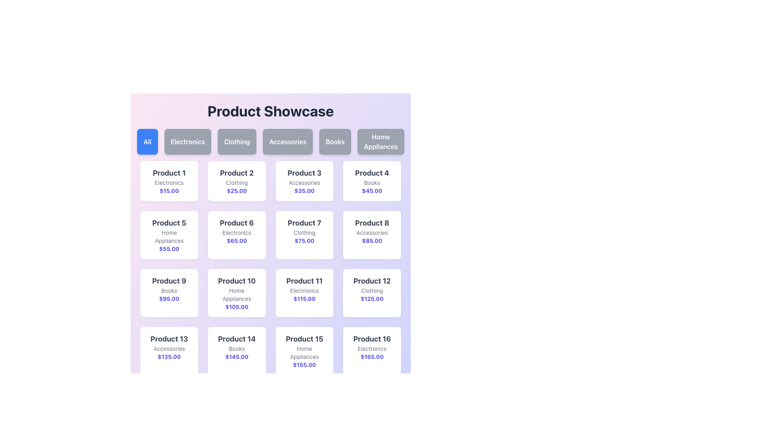 The width and height of the screenshot is (774, 435). Describe the element at coordinates (270, 141) in the screenshot. I see `the 'Accessories' button in the product filter navigation bar to filter products by accessories` at that location.